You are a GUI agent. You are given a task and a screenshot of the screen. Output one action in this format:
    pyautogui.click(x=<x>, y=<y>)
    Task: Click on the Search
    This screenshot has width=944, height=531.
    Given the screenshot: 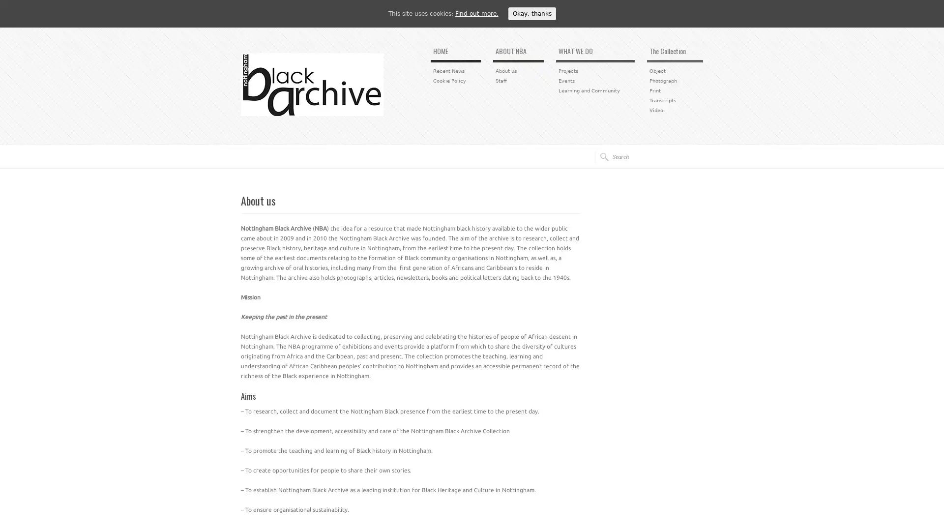 What is the action you would take?
    pyautogui.click(x=601, y=156)
    